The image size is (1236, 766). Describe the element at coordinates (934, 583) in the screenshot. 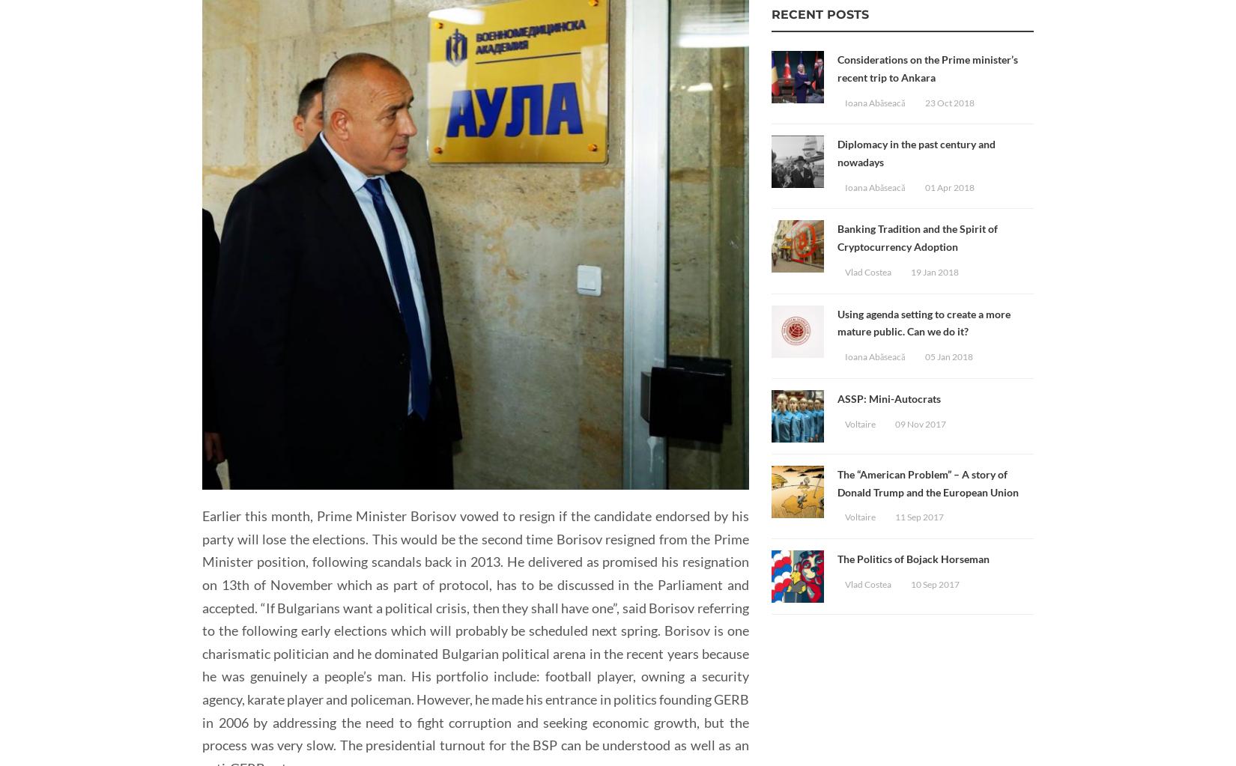

I see `'10 Sep 2017'` at that location.